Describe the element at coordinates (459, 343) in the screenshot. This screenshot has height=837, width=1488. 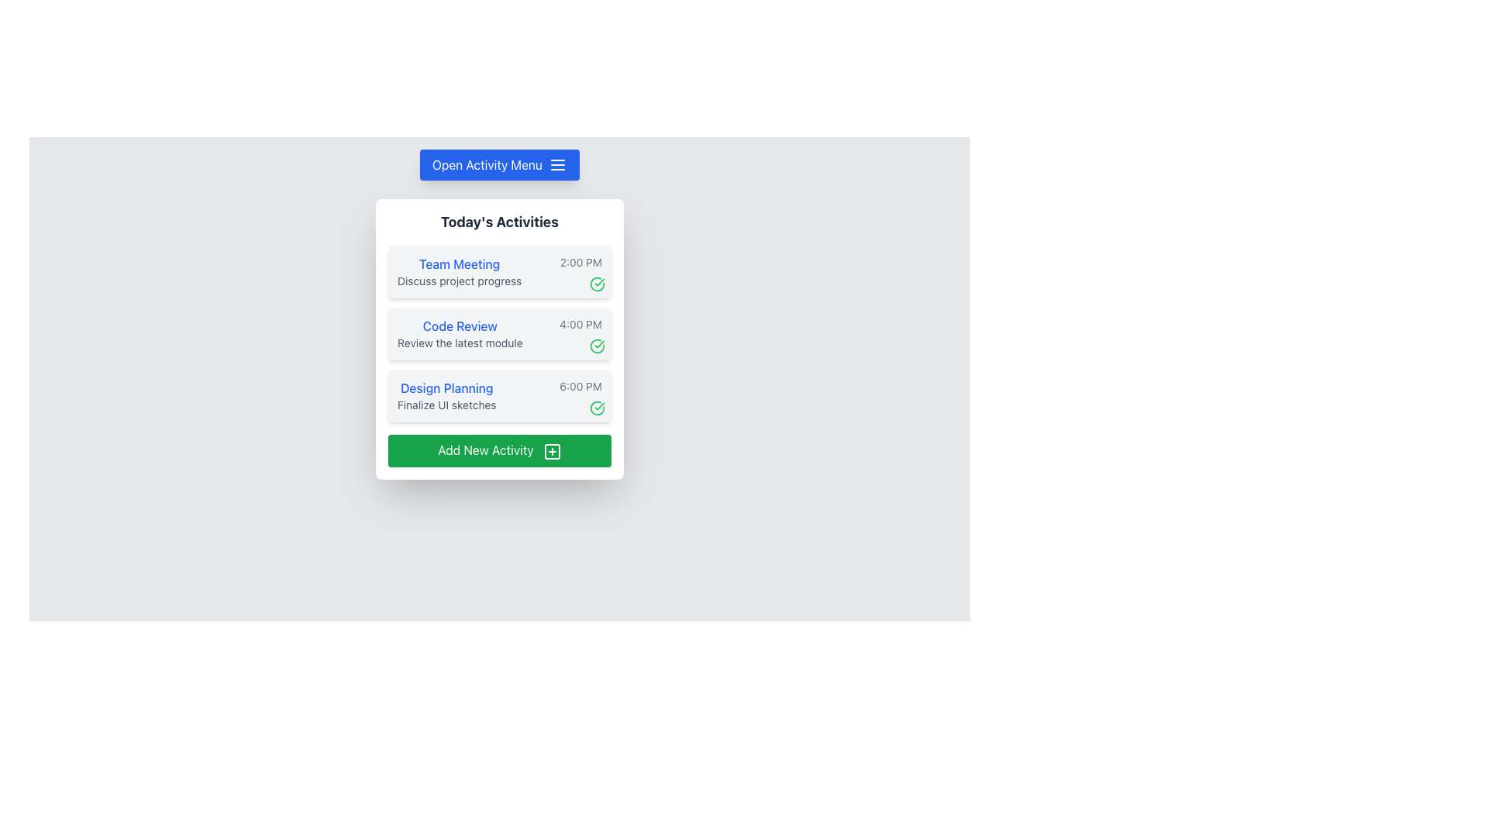
I see `the text element that reads 'Review the latest module', which is styled in gray and located beneath the 'Code Review' title within the 'Today's Activities' box` at that location.